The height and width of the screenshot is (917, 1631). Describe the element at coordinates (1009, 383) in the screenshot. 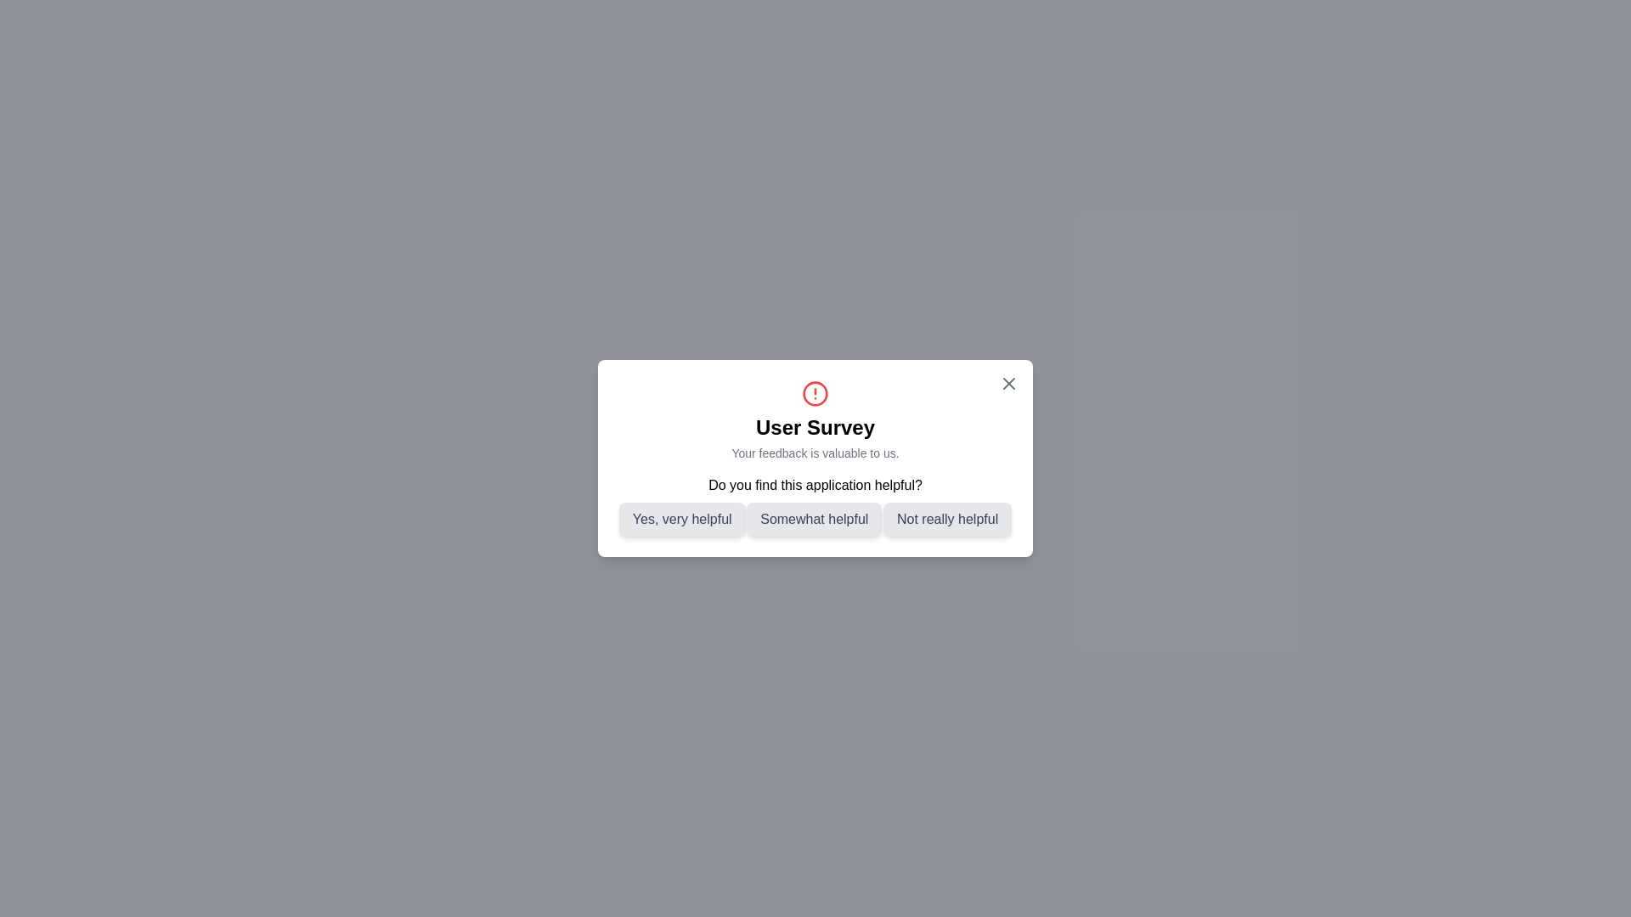

I see `the 'X' close button located at the top-right corner of the dialog box to change its text color` at that location.